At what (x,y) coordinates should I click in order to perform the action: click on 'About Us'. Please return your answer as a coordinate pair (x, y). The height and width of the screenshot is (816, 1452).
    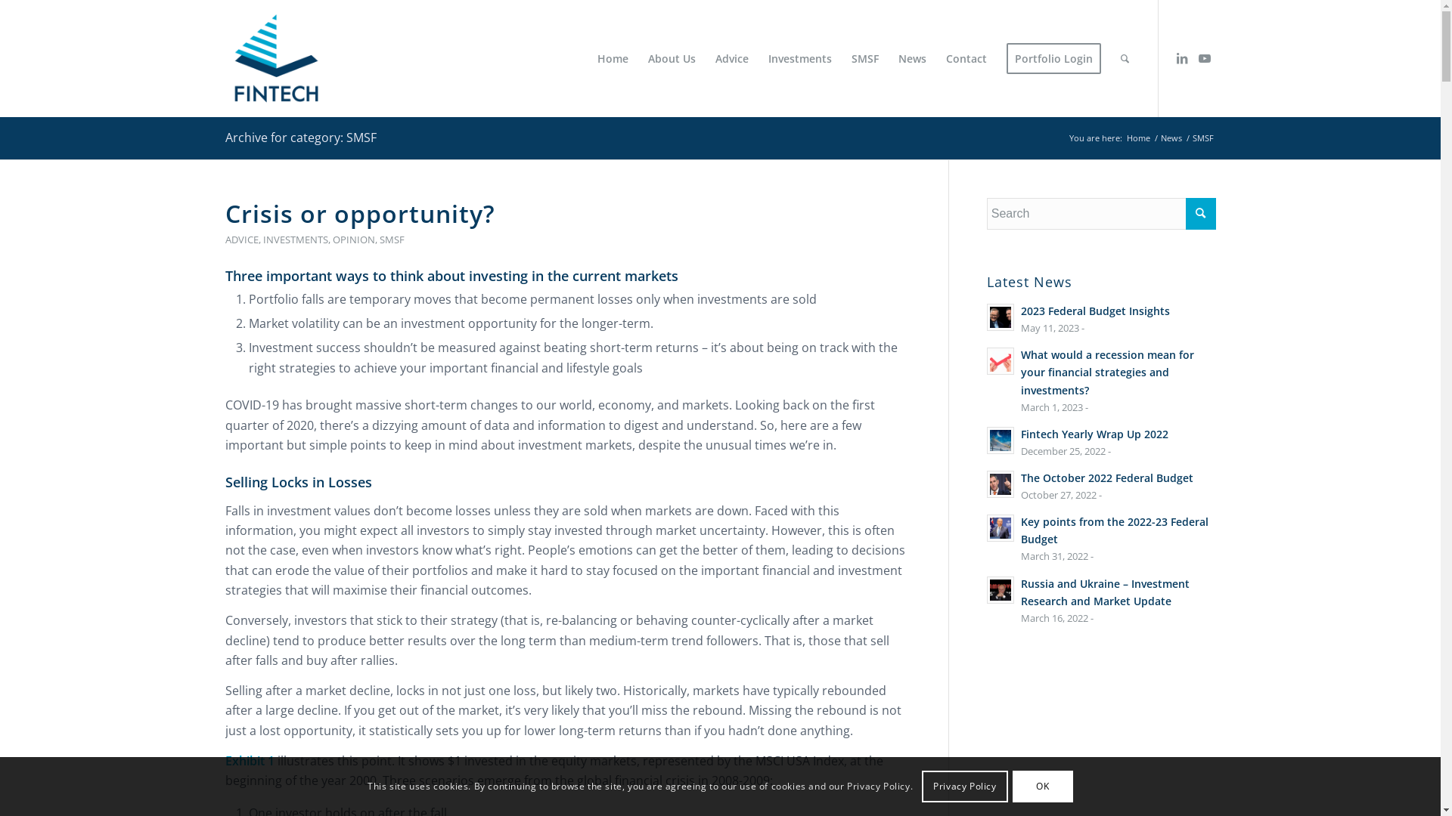
    Looking at the image, I should click on (638, 57).